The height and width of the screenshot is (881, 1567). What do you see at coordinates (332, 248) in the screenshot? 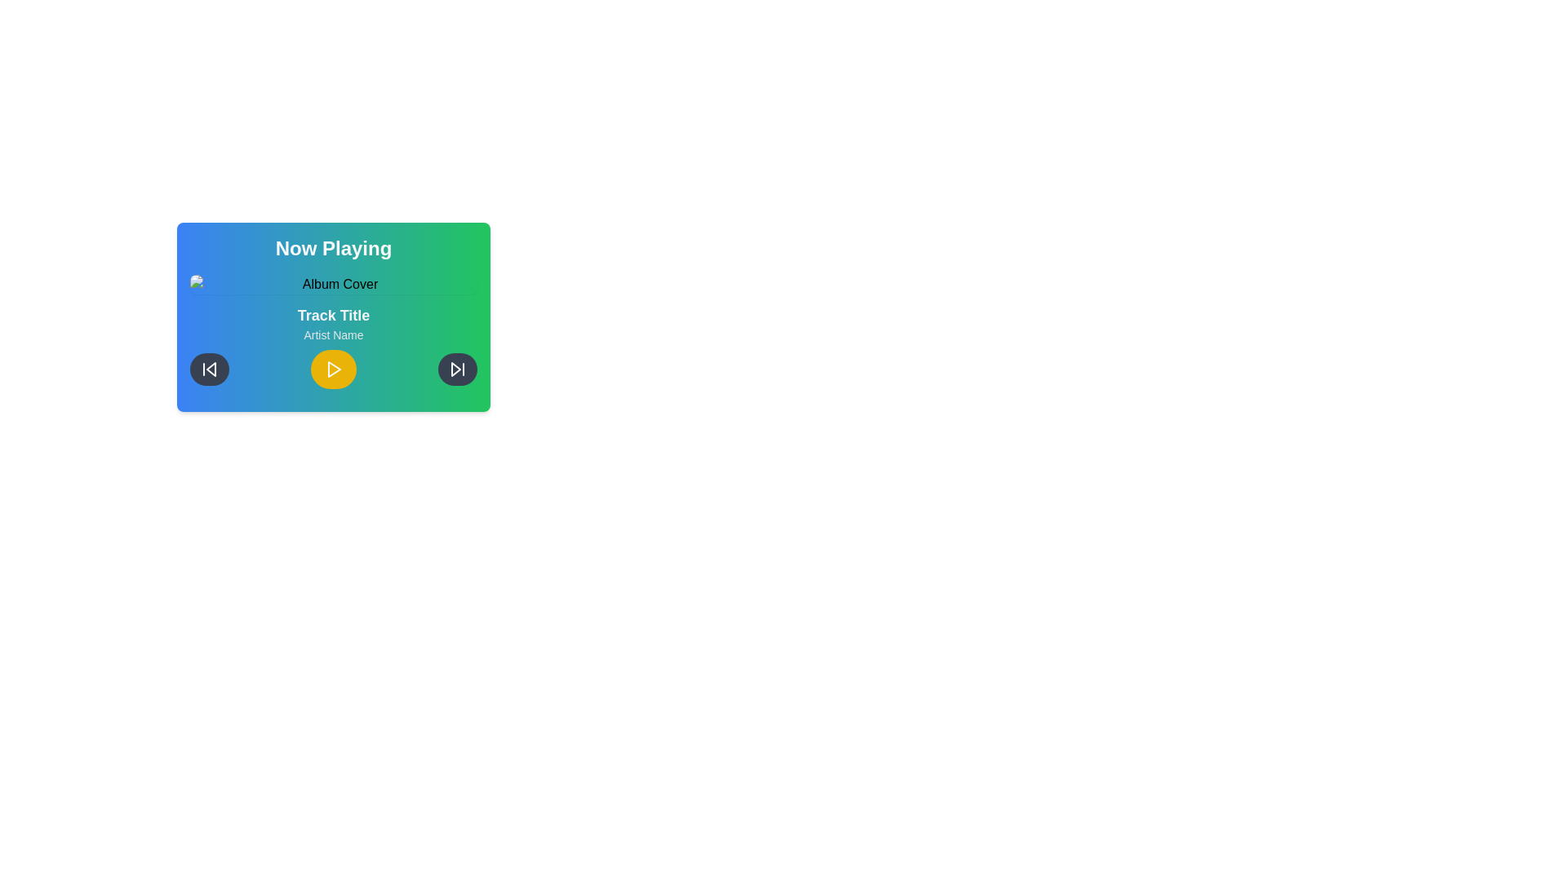
I see `the 'Now Playing' text label, which is a large, bold, white text displayed at the top of the panel with a gradient blue-to-green background` at bounding box center [332, 248].